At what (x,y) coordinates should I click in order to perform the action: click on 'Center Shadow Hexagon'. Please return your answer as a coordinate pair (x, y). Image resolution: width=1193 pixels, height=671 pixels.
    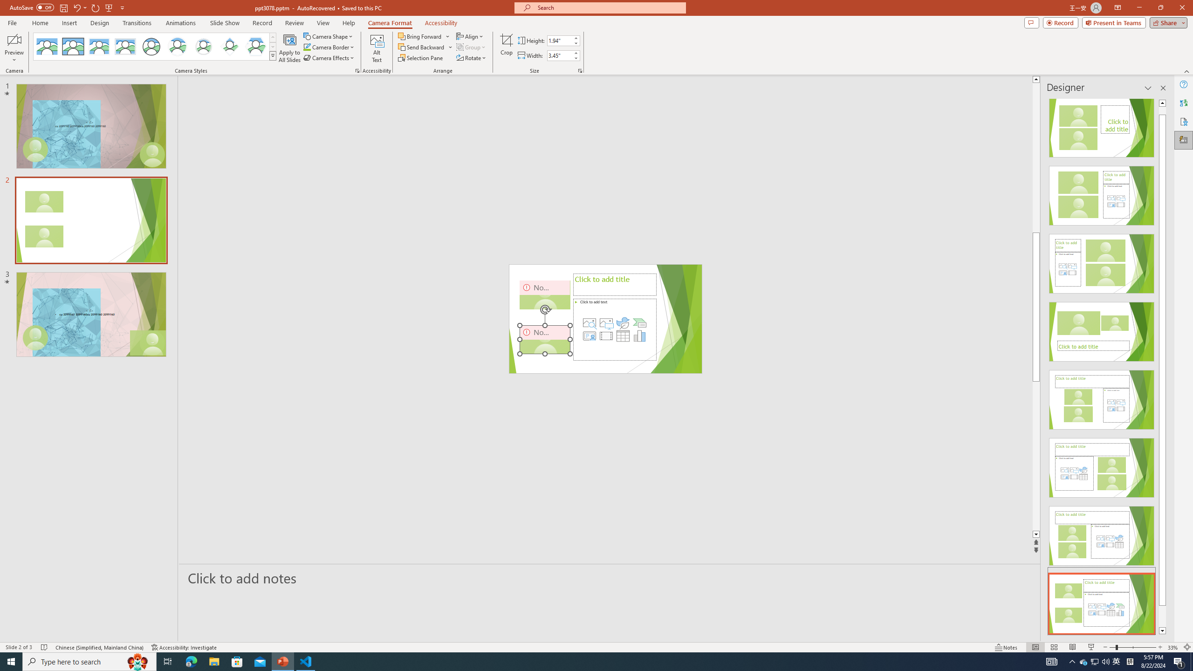
    Looking at the image, I should click on (256, 46).